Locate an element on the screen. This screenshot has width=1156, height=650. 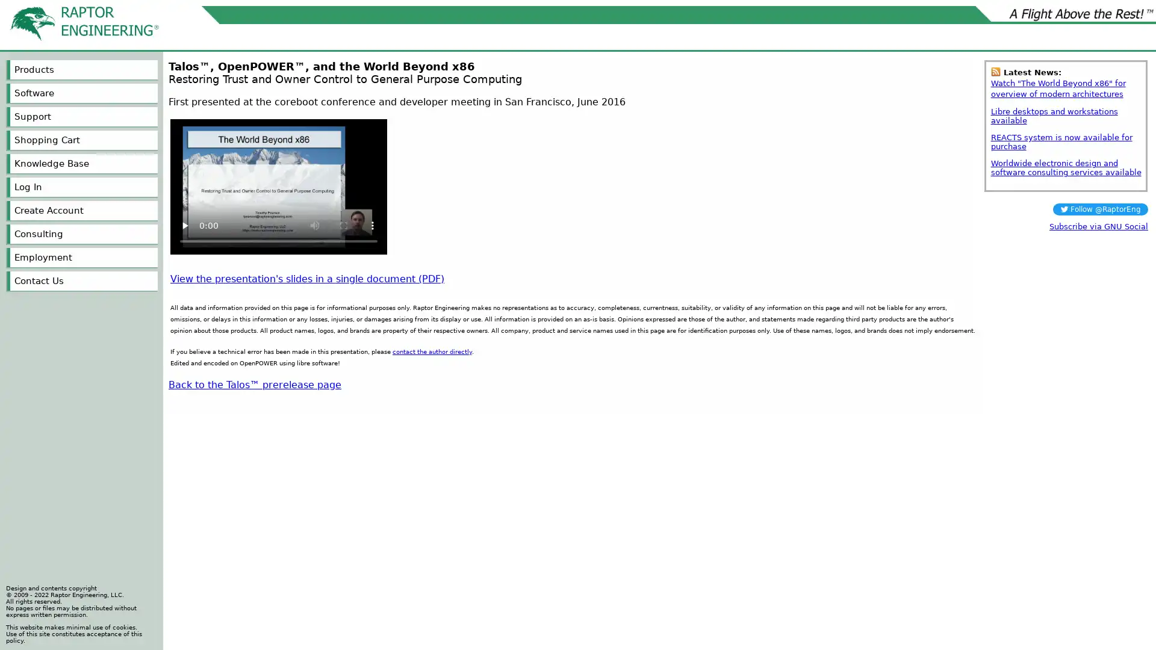
enter full screen is located at coordinates (343, 225).